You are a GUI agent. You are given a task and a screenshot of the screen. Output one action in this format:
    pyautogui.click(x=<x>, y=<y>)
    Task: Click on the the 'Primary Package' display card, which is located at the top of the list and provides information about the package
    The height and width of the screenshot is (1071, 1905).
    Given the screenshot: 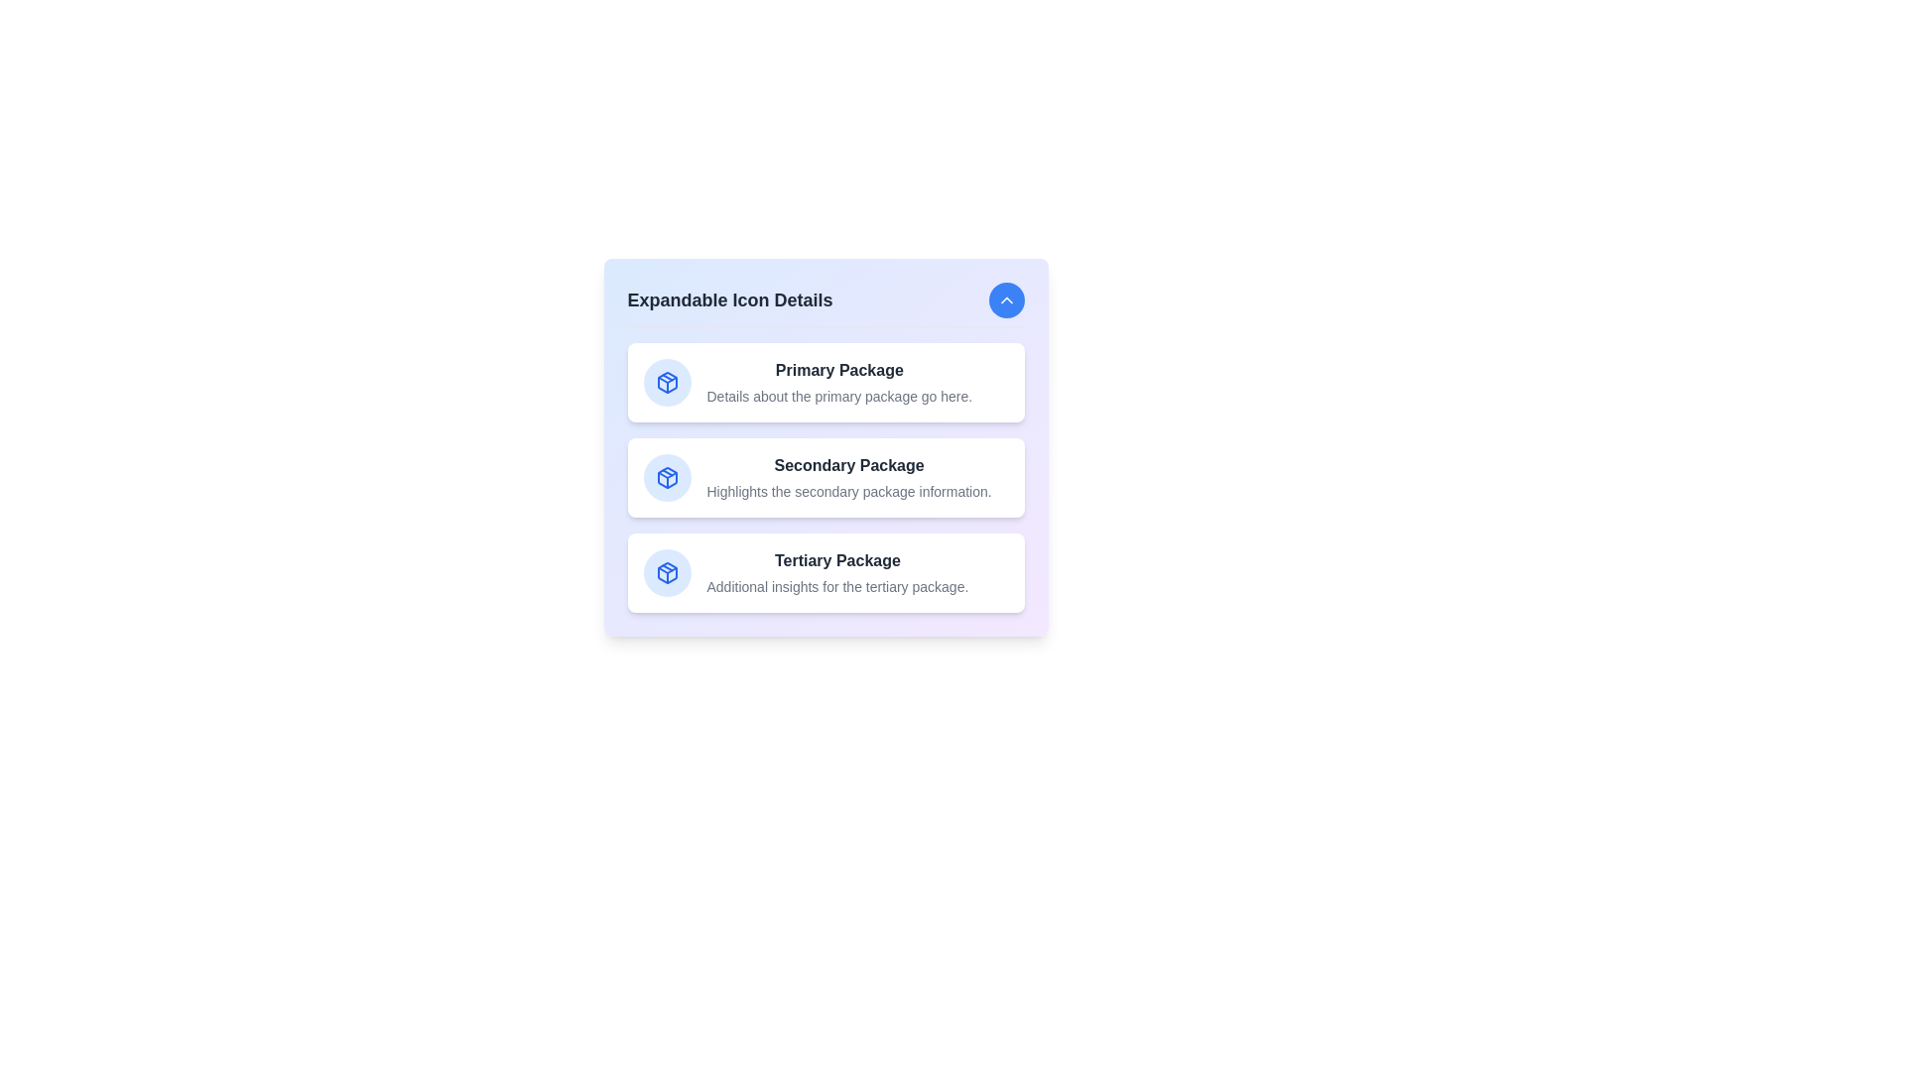 What is the action you would take?
    pyautogui.click(x=825, y=382)
    